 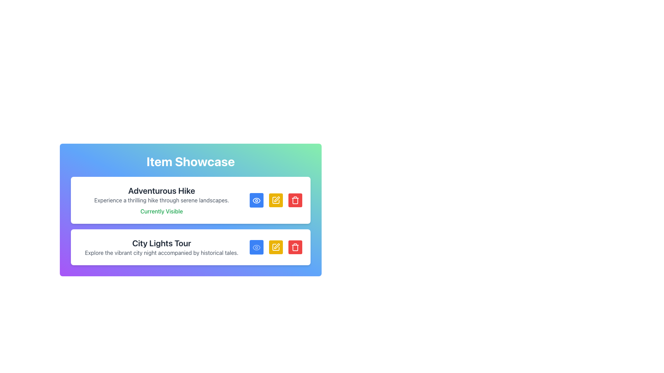 What do you see at coordinates (275, 247) in the screenshot?
I see `the edit button for the 'City Lights Tour' entry, located as the second icon in a row of three action buttons within the second item group, positioned between a blue icon and a red icon` at bounding box center [275, 247].